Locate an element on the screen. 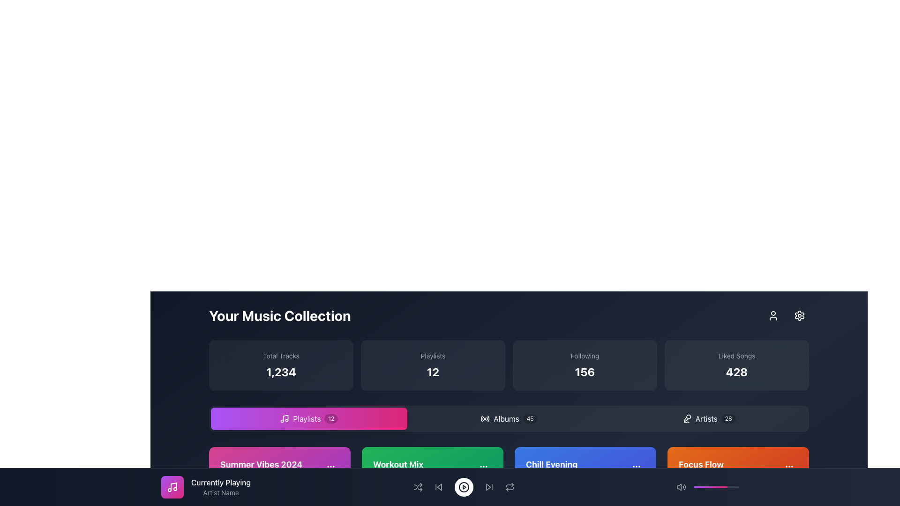 This screenshot has width=900, height=506. the settings button located at the top-right corner of the interface, adjacent to the user profile button is located at coordinates (799, 316).